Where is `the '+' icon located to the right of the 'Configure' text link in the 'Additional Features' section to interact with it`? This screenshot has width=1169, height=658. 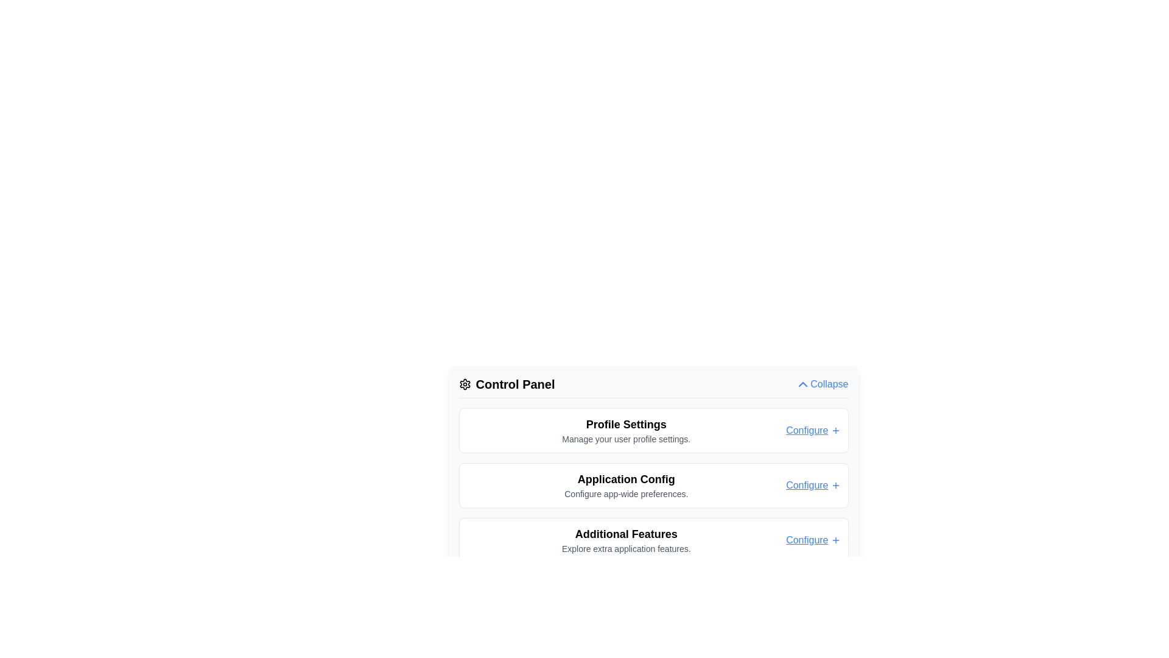 the '+' icon located to the right of the 'Configure' text link in the 'Additional Features' section to interact with it is located at coordinates (835, 540).